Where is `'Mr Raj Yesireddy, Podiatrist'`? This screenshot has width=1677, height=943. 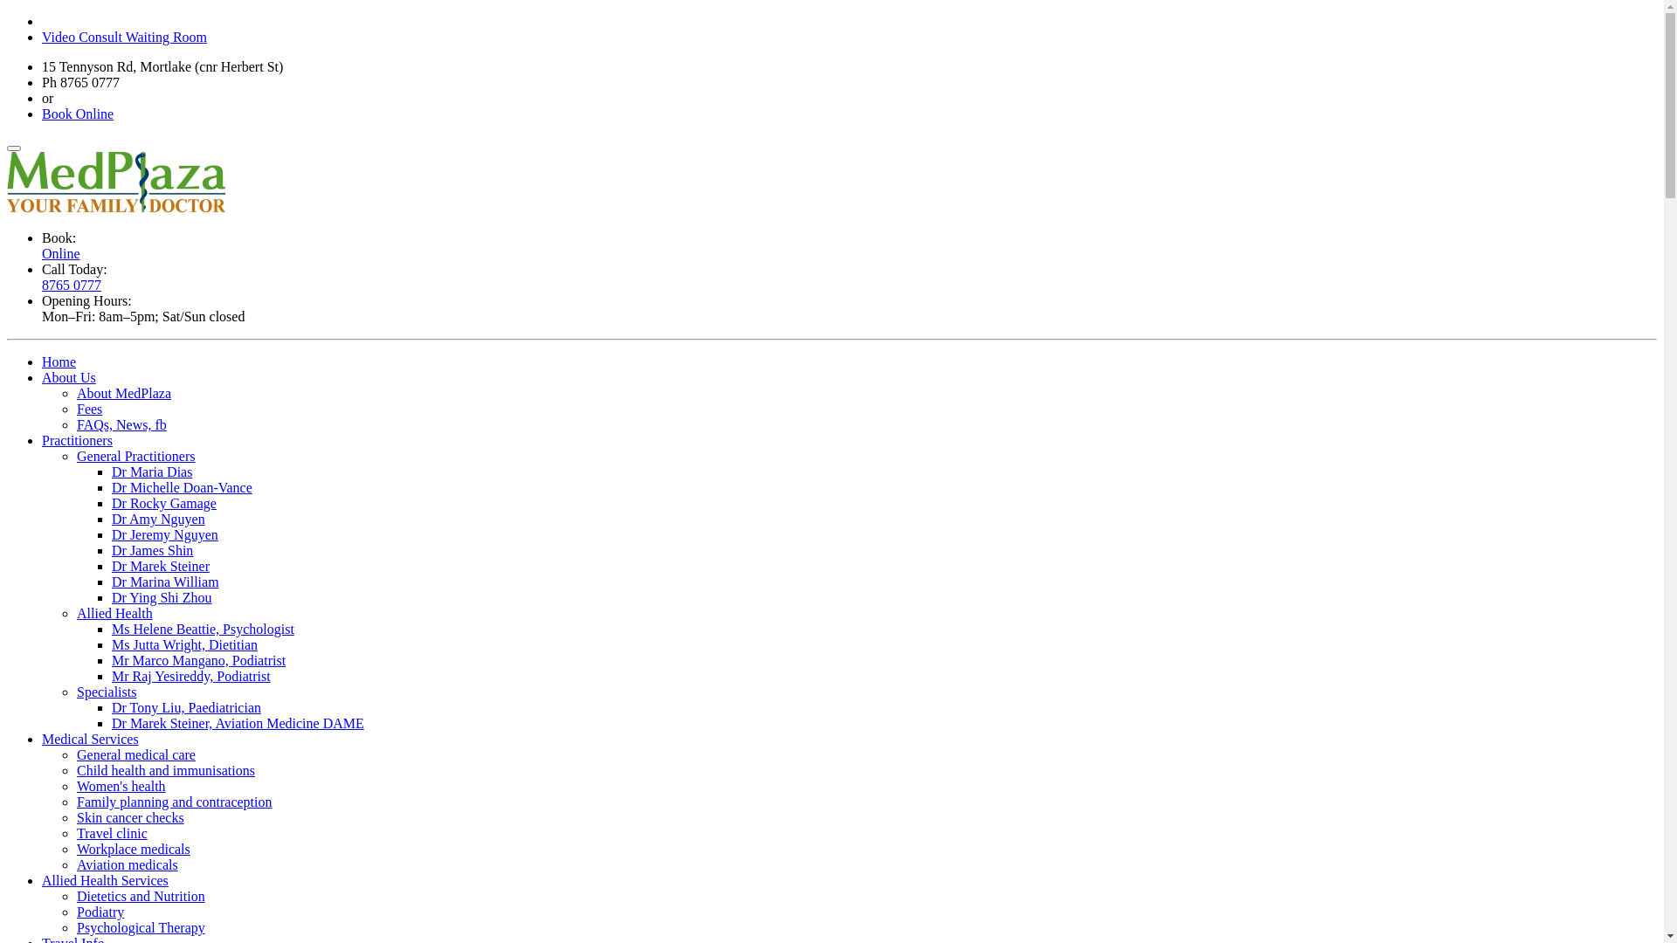
'Mr Raj Yesireddy, Podiatrist' is located at coordinates (111, 675).